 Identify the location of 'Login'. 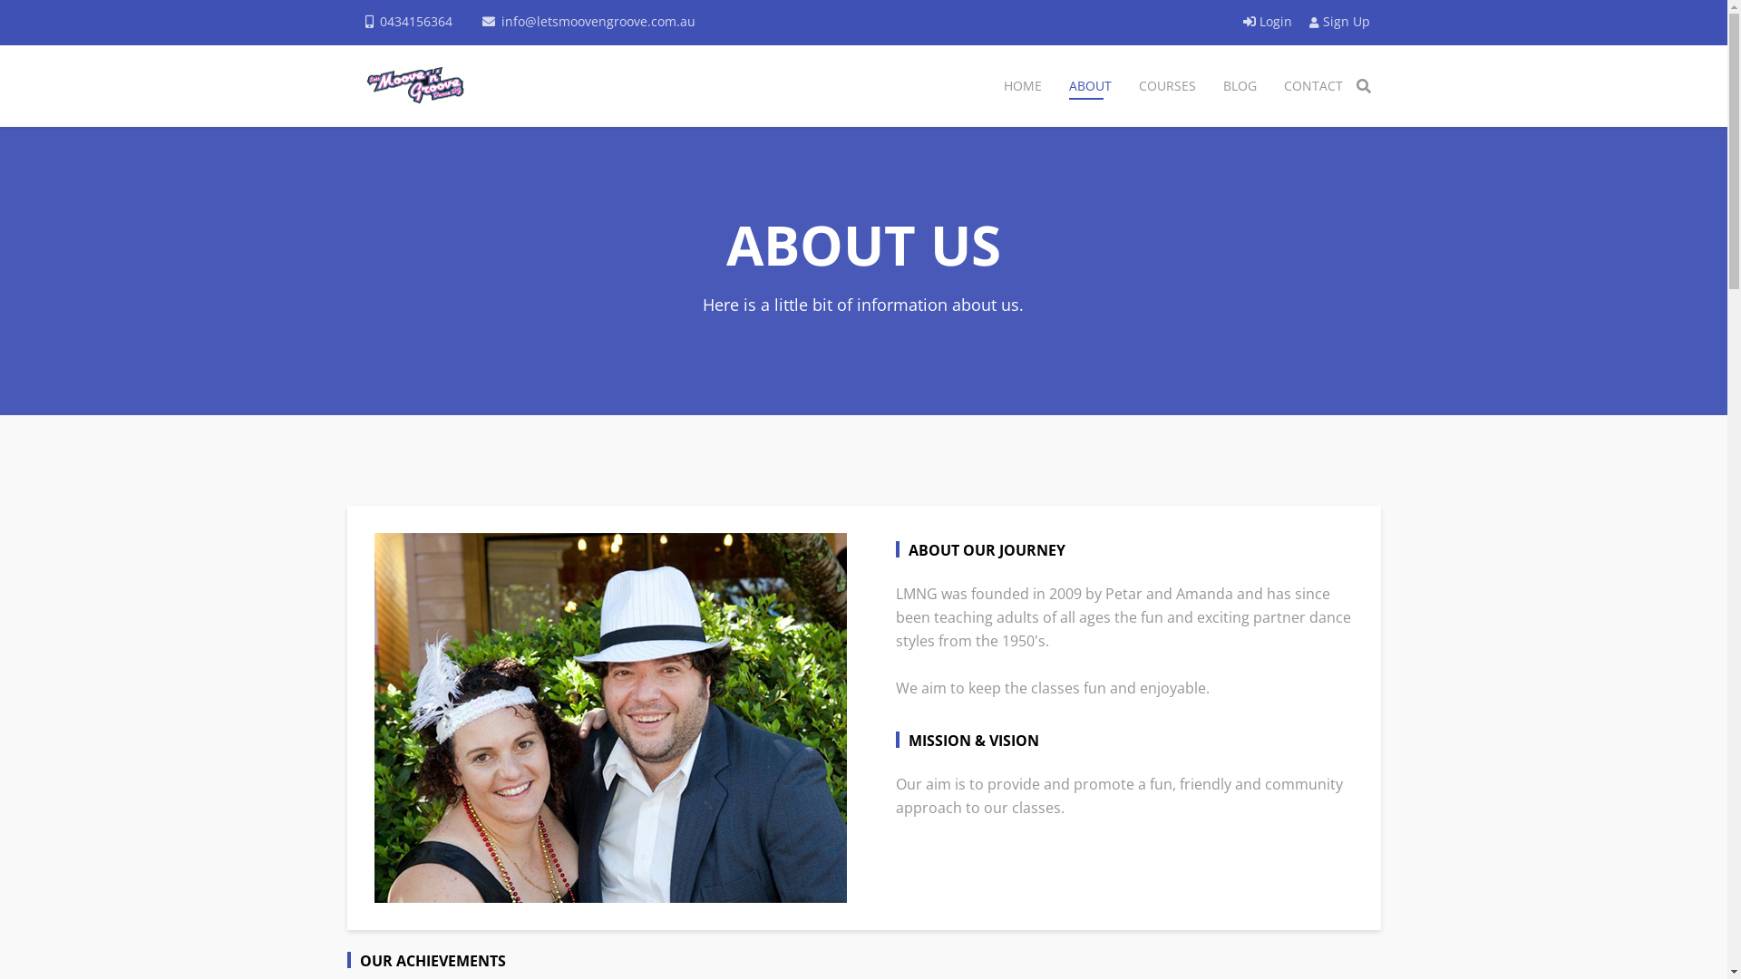
(1240, 21).